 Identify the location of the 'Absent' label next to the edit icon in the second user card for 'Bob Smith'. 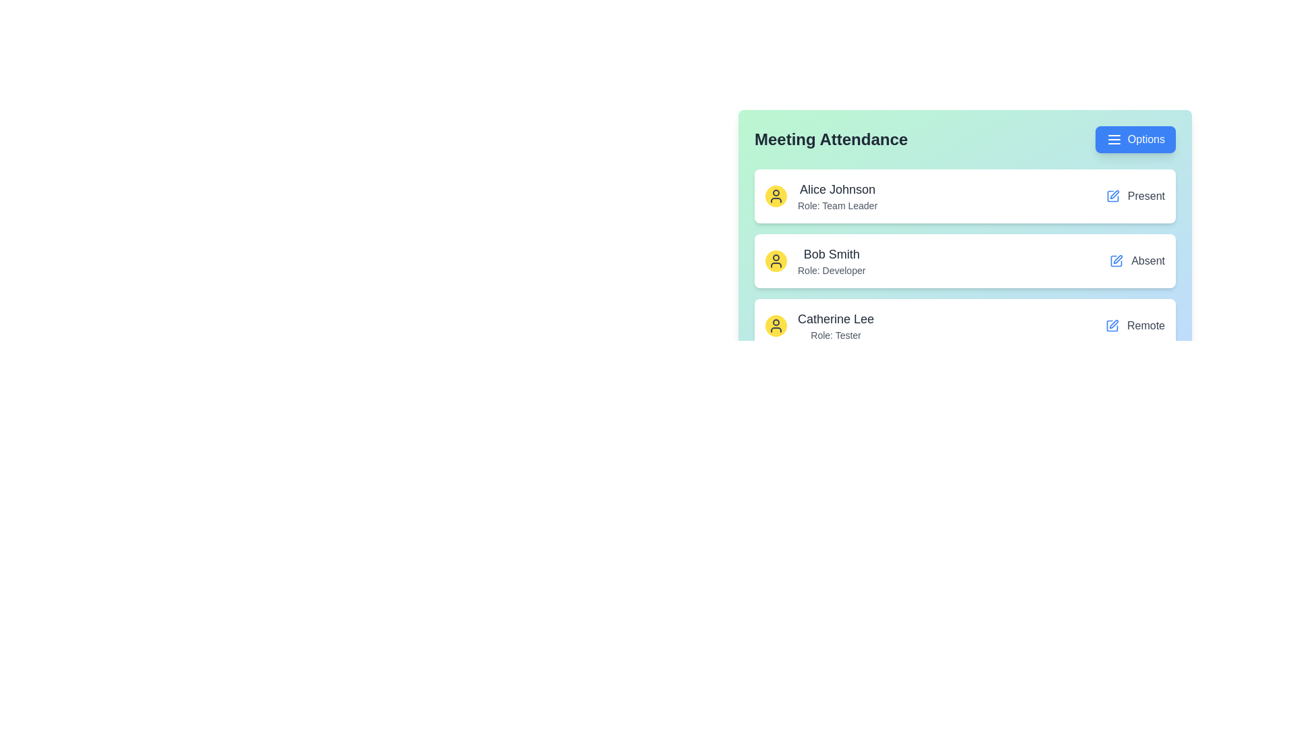
(1137, 261).